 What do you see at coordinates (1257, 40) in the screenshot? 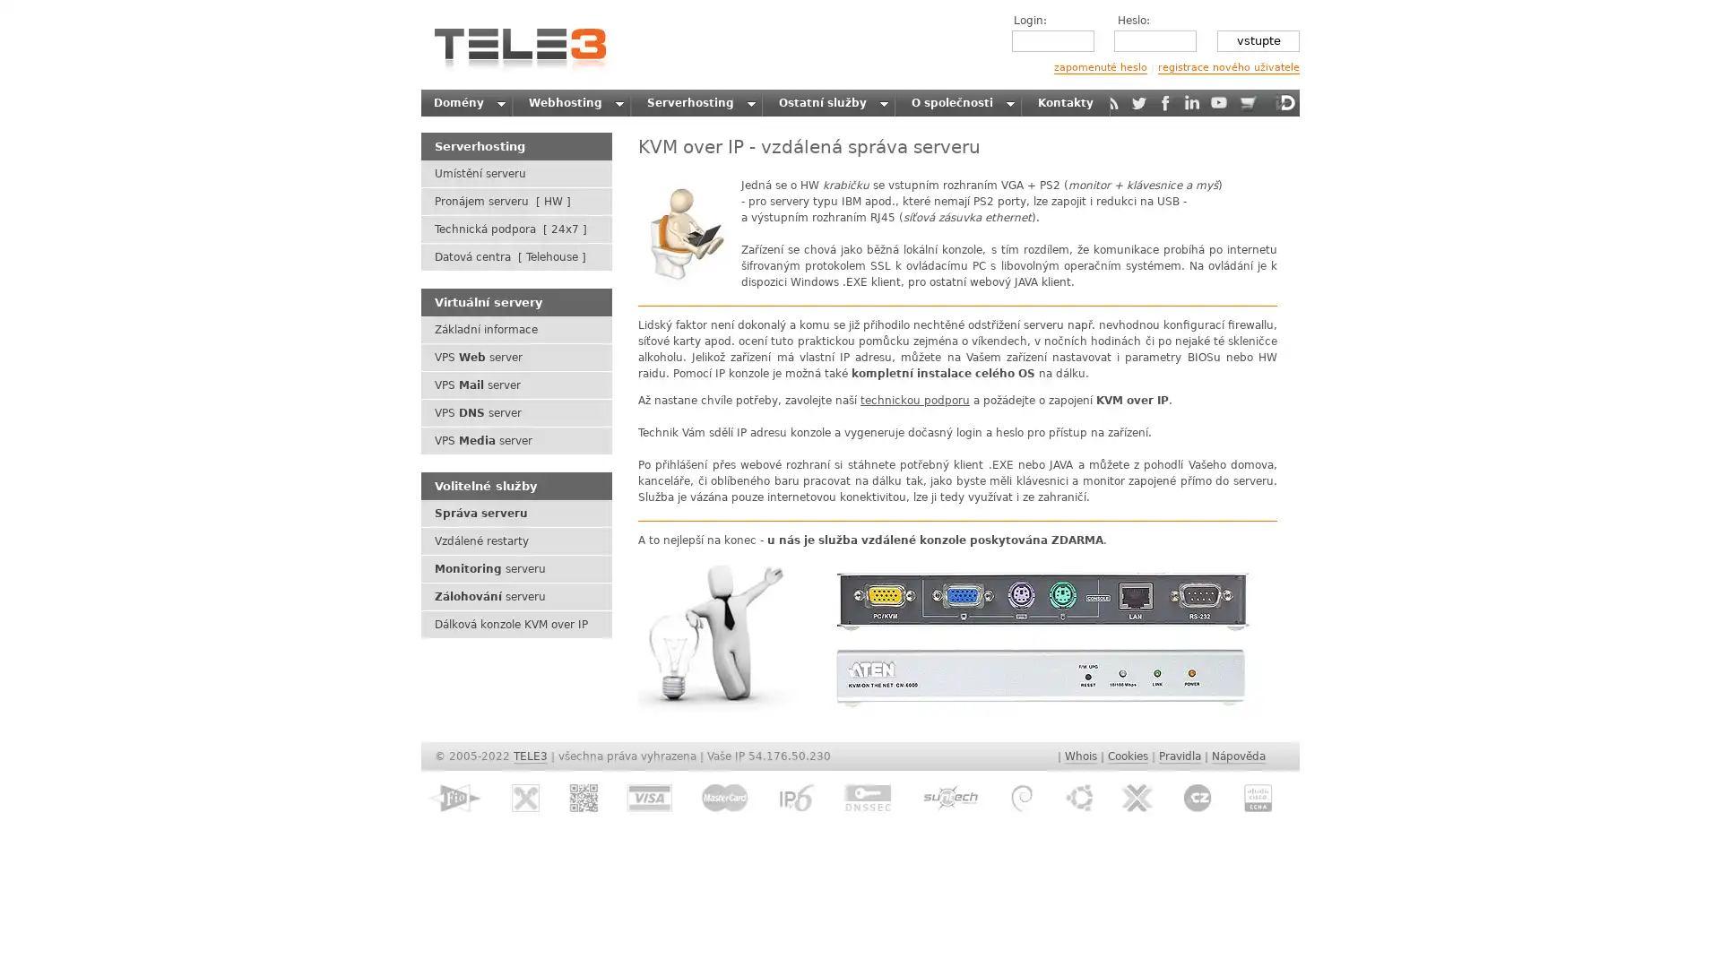
I see `vstupte` at bounding box center [1257, 40].